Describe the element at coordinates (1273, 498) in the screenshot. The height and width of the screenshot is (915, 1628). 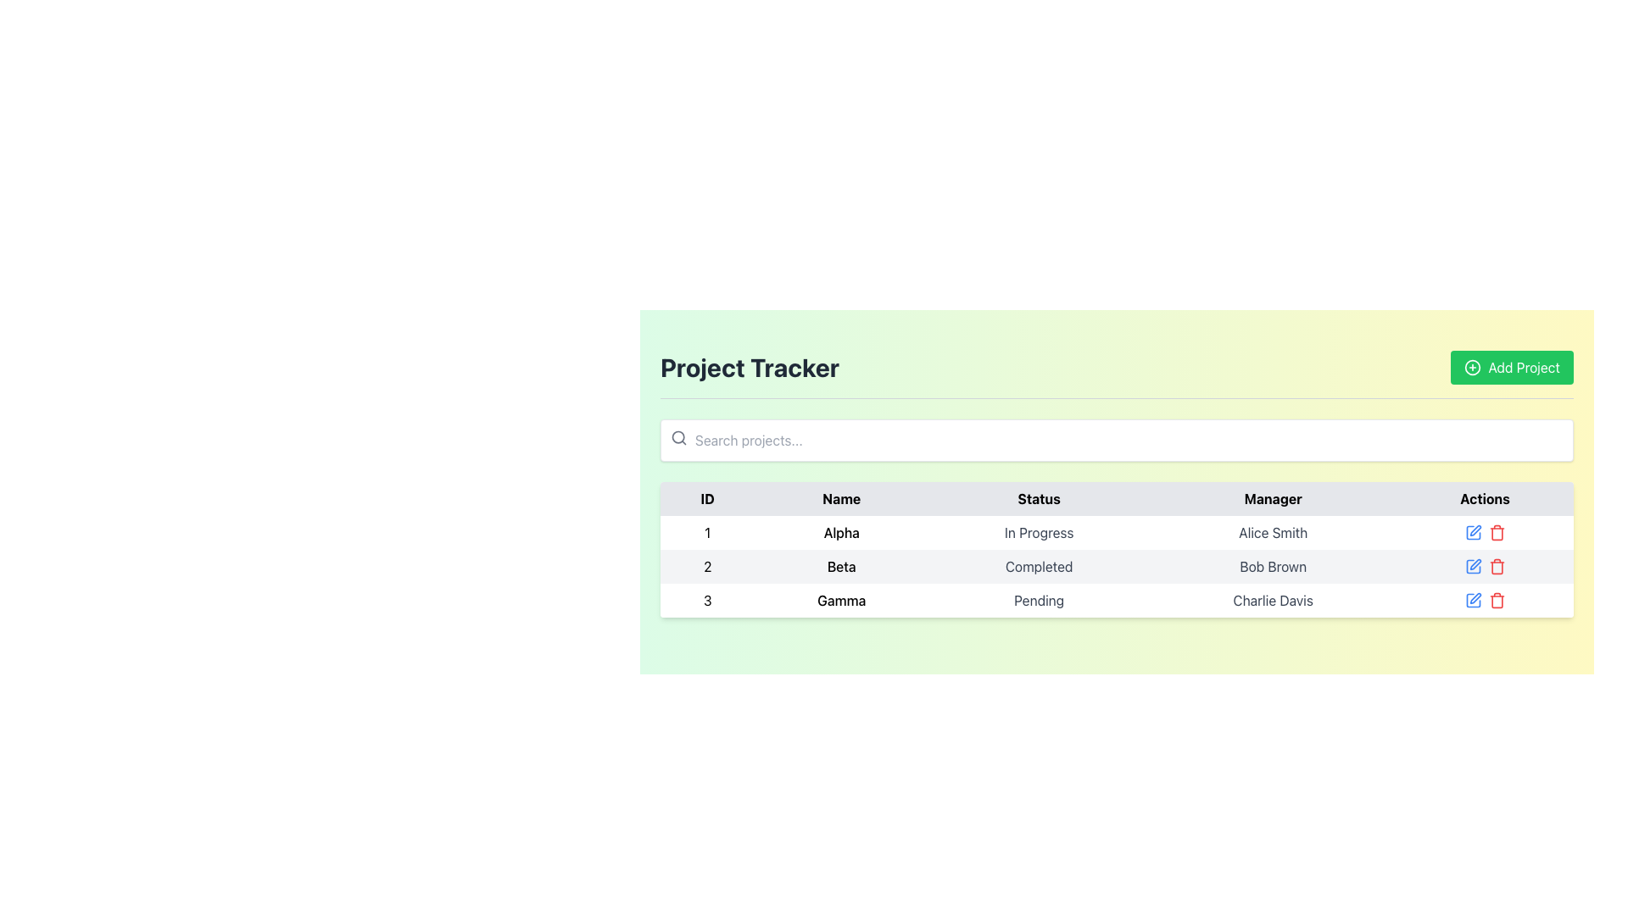
I see `the 'Manager' column header in the project tracker table, which is located between the 'Status' and 'Actions' headers` at that location.